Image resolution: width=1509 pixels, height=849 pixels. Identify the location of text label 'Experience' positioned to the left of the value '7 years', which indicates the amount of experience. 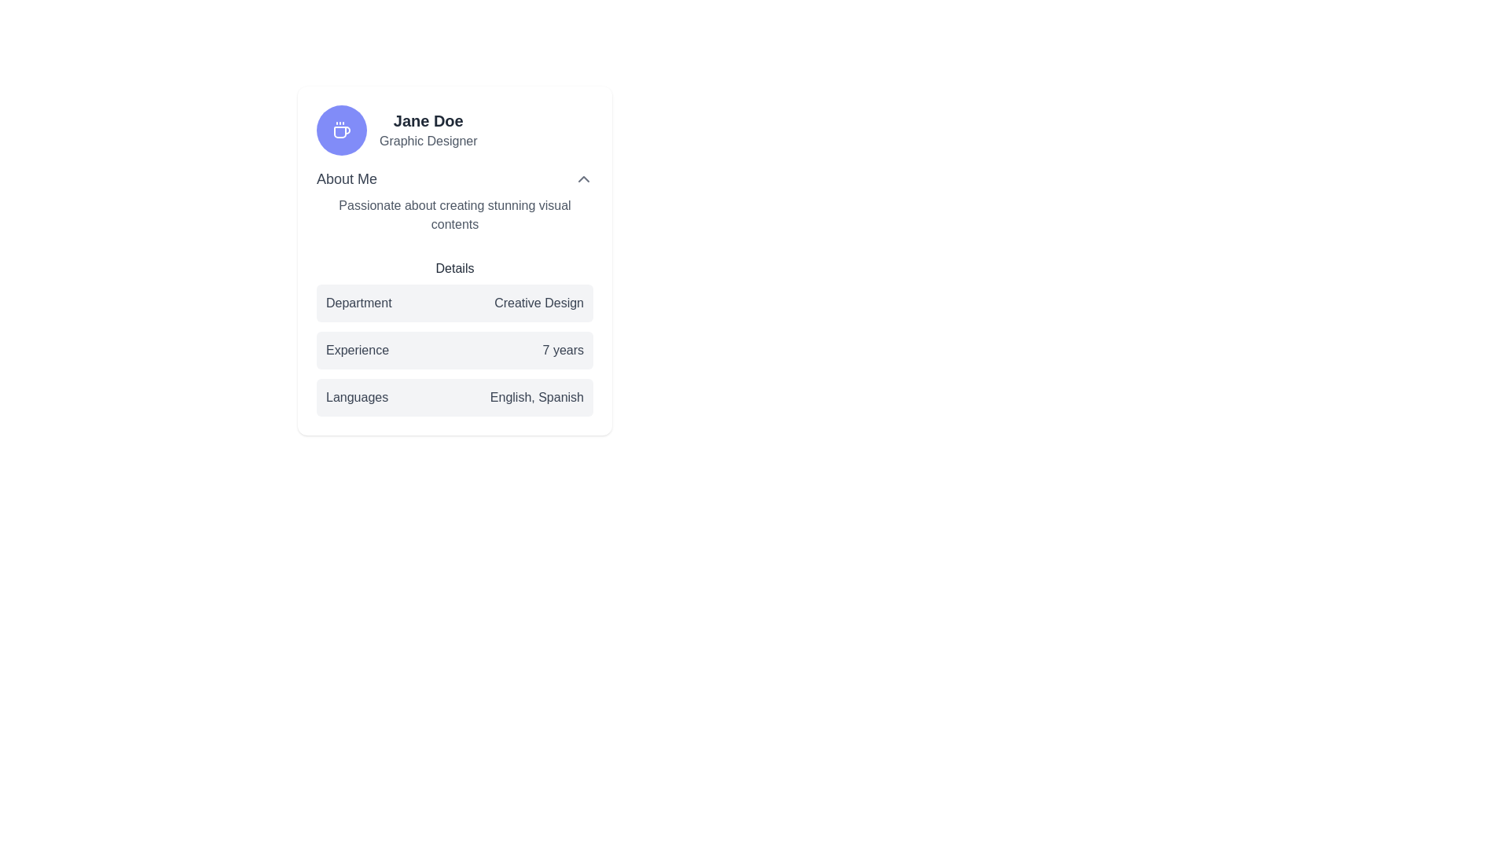
(357, 350).